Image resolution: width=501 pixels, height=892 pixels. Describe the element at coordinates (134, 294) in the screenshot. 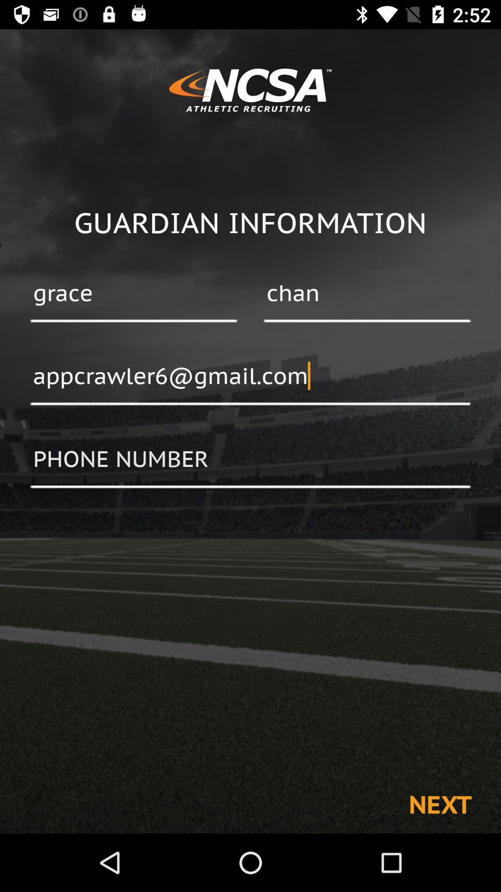

I see `icon to the left of the chan icon` at that location.